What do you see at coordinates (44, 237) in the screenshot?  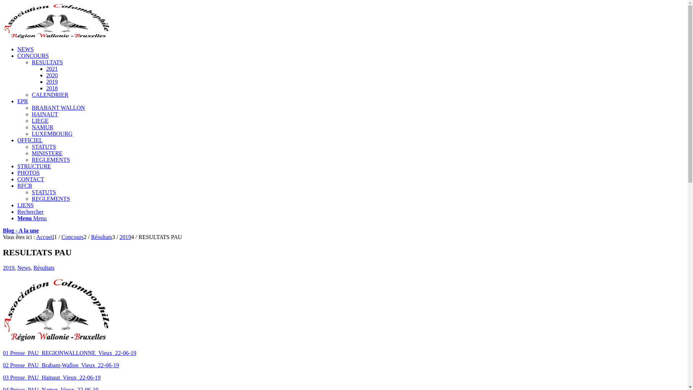 I see `'Accueil'` at bounding box center [44, 237].